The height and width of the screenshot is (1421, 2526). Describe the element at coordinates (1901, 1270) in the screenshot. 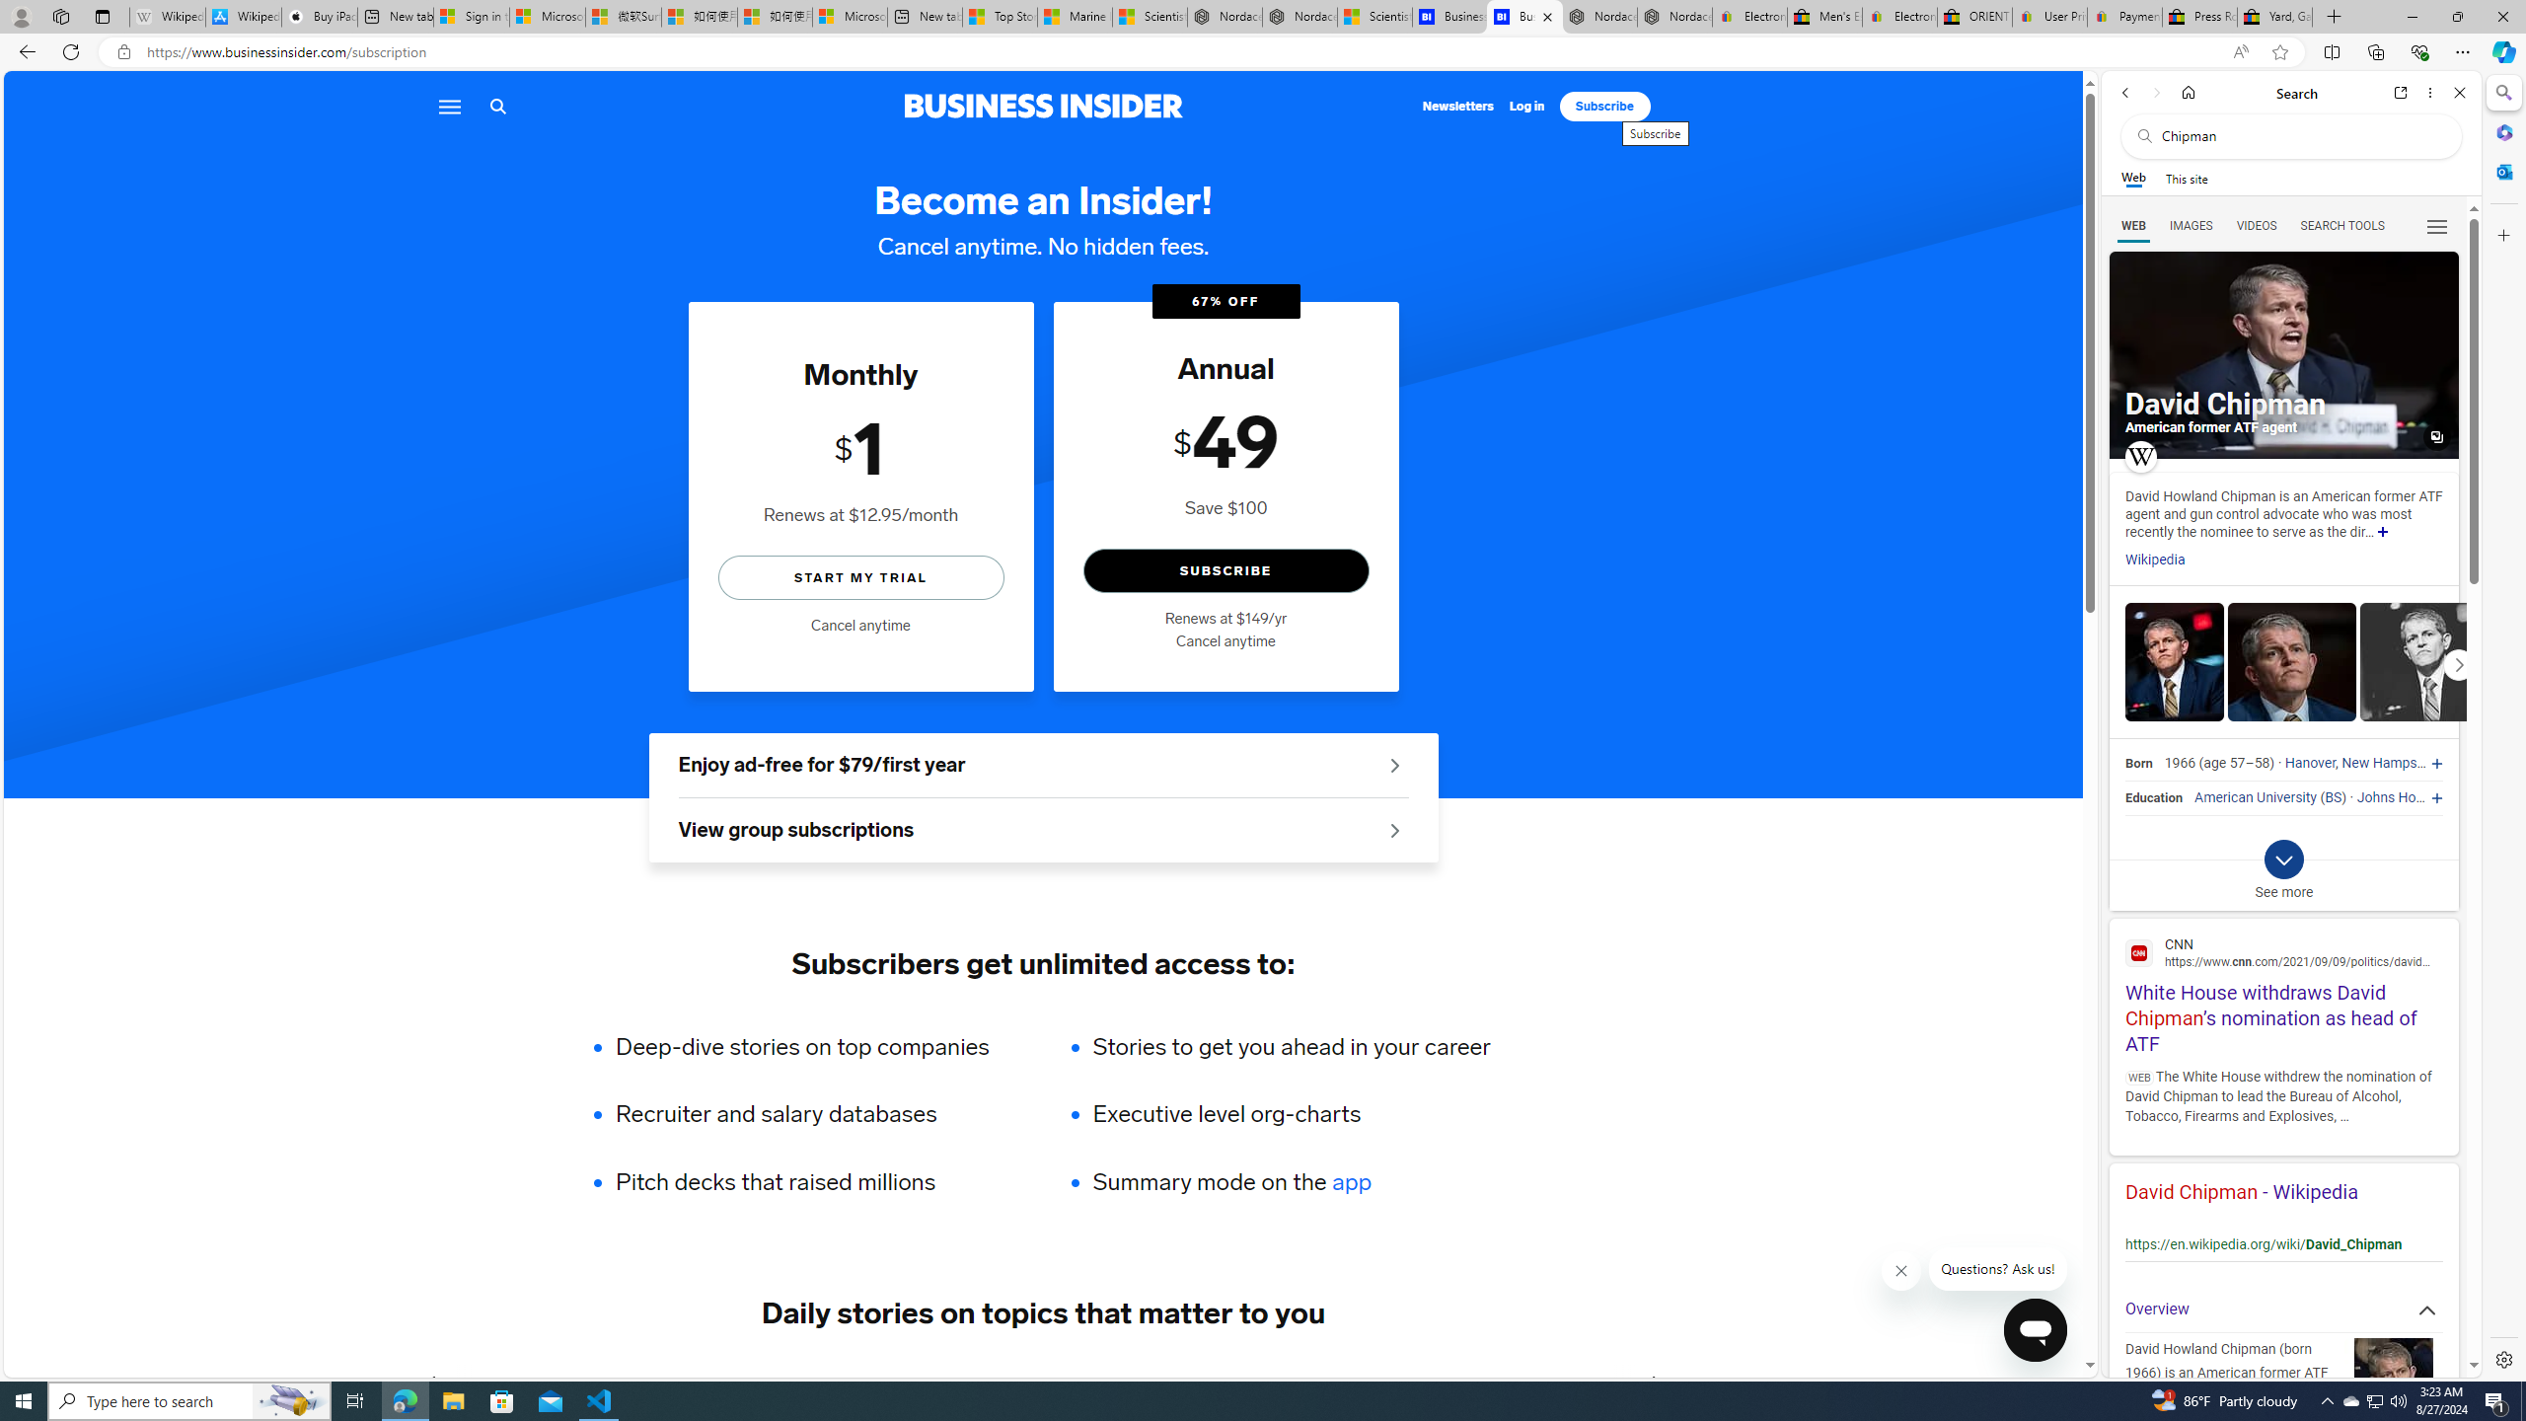

I see `'Class: sc-1uf0igr-1 fjHZYk'` at that location.